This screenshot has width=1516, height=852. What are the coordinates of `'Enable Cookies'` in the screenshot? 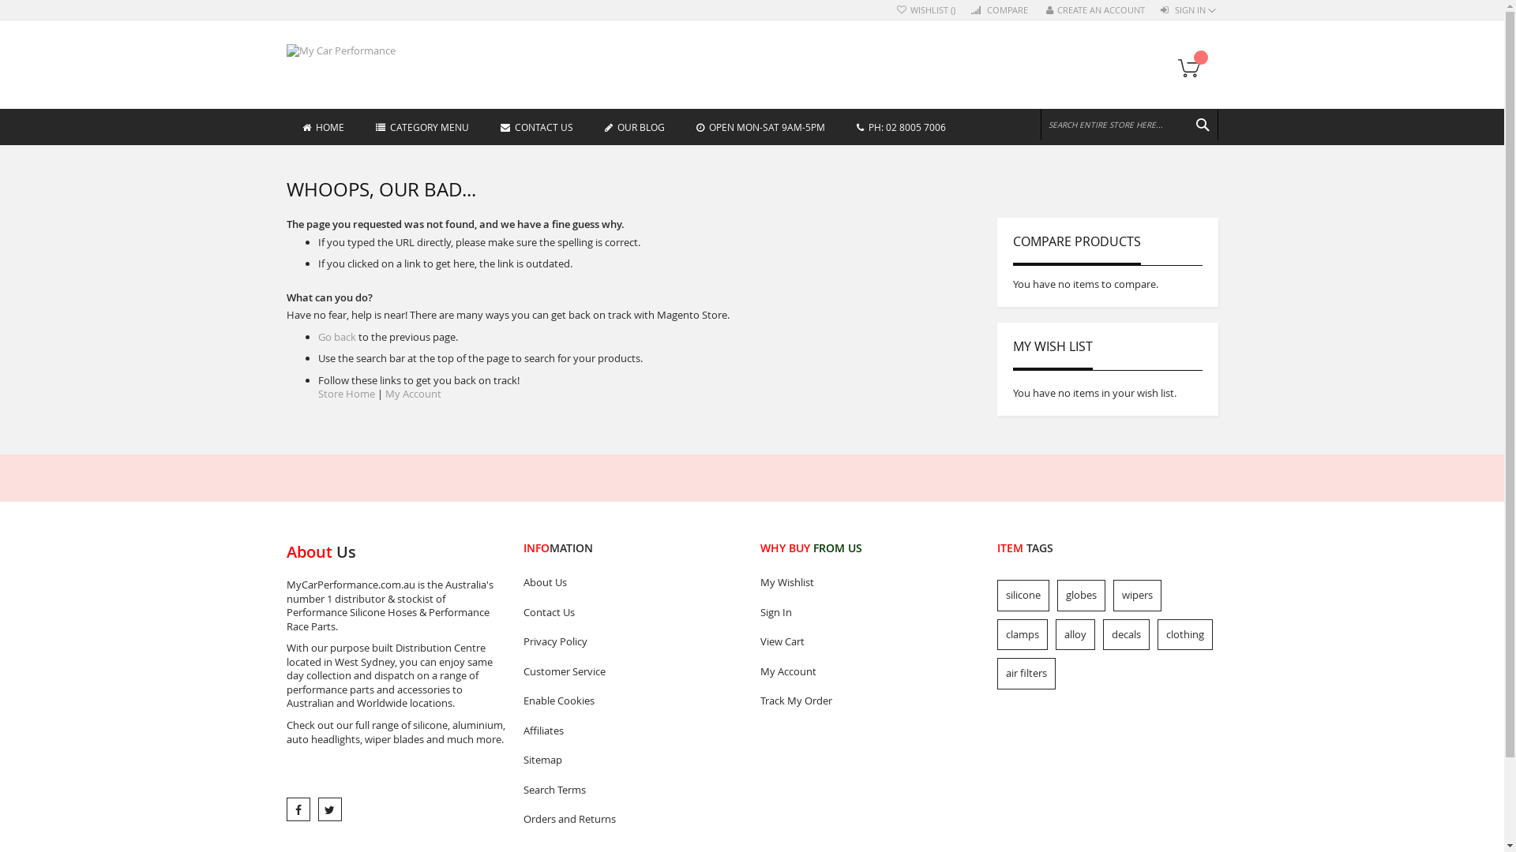 It's located at (523, 700).